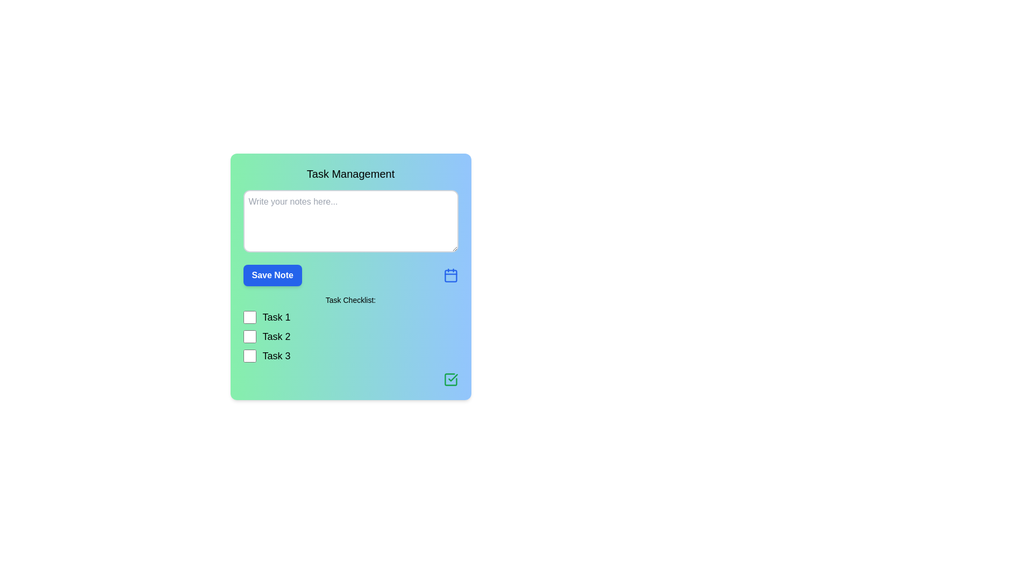  Describe the element at coordinates (276, 356) in the screenshot. I see `the descriptive label for the corresponding checkbox in the 'Task Checklist' section` at that location.